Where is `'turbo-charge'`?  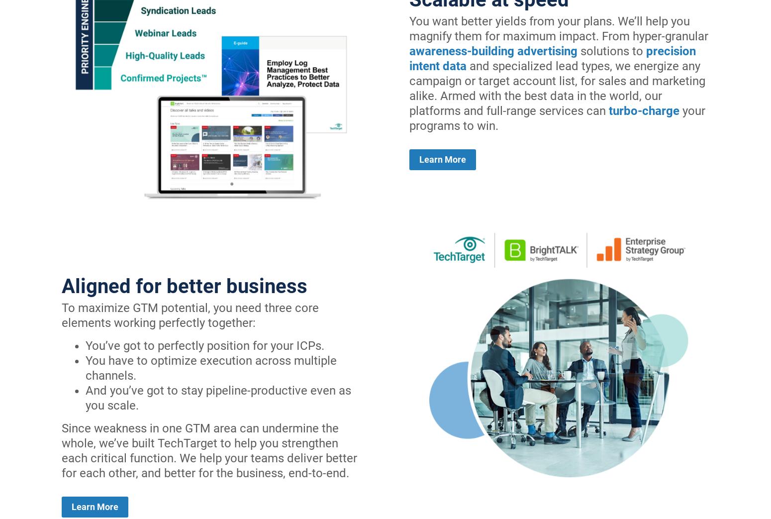
'turbo-charge' is located at coordinates (644, 110).